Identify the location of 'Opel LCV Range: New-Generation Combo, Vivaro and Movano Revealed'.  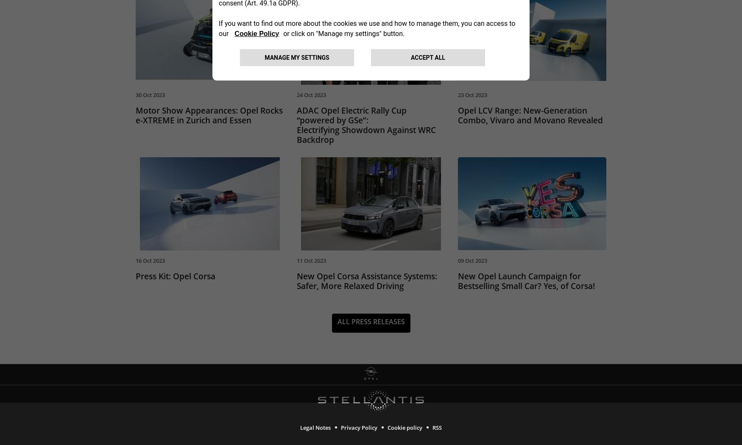
(530, 117).